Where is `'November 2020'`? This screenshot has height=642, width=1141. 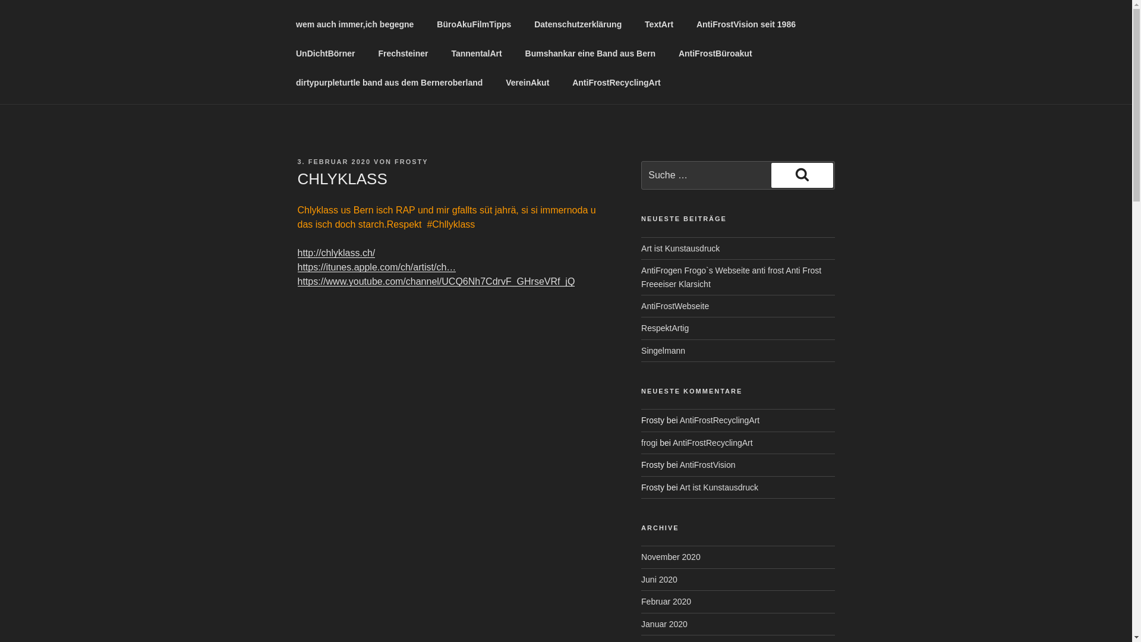
'November 2020' is located at coordinates (670, 557).